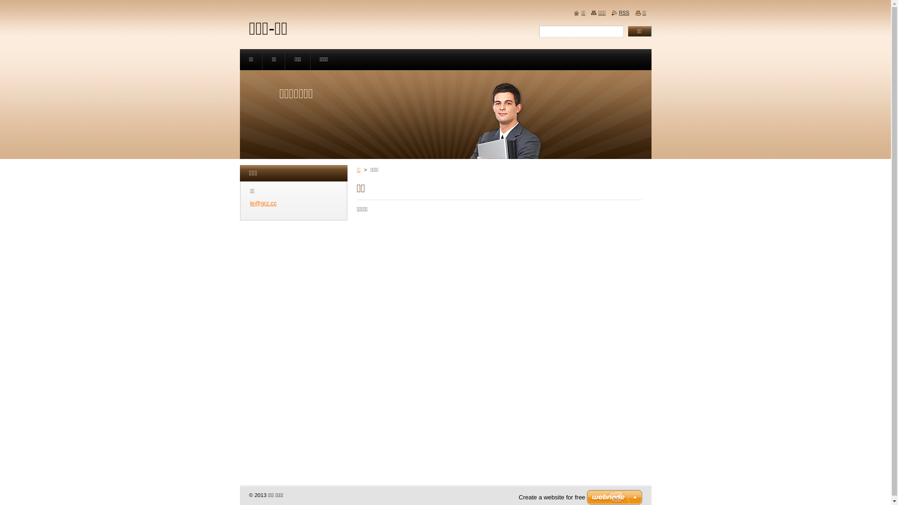  Describe the element at coordinates (612, 13) in the screenshot. I see `'RSS'` at that location.